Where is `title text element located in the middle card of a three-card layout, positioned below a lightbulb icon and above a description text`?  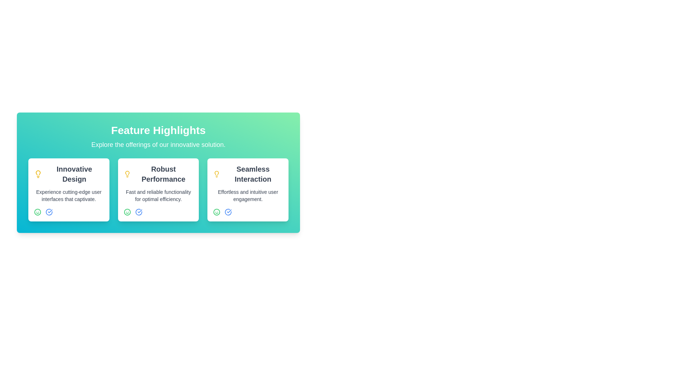 title text element located in the middle card of a three-card layout, positioned below a lightbulb icon and above a description text is located at coordinates (163, 174).